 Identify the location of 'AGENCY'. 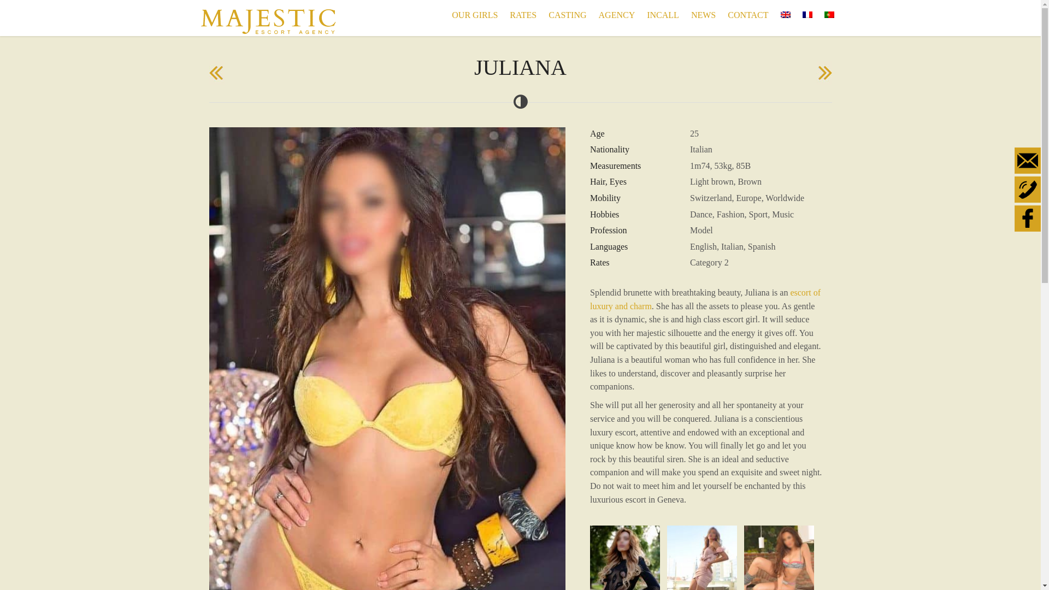
(617, 15).